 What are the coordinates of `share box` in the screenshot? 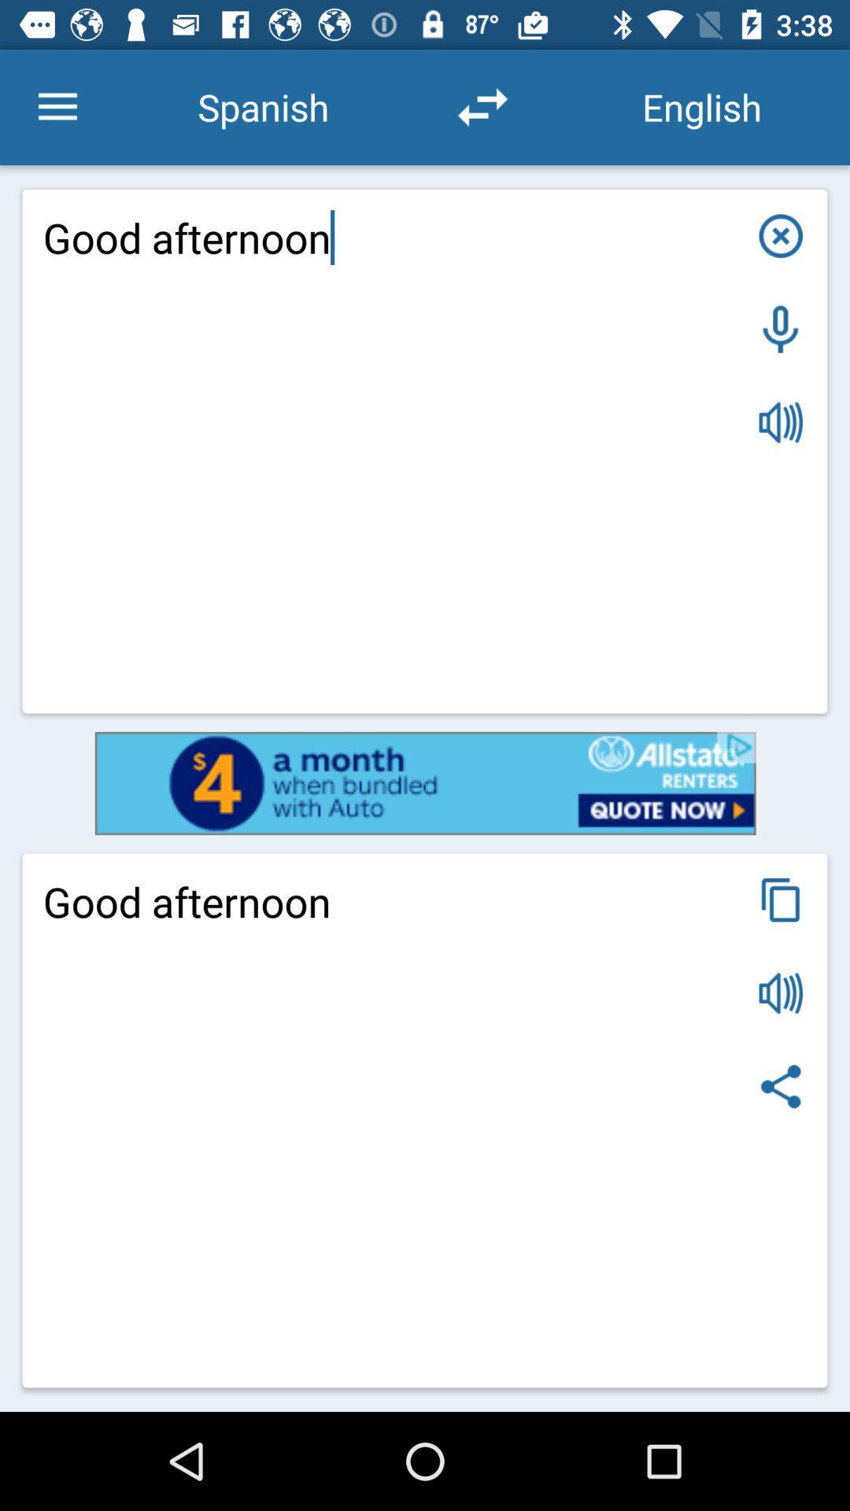 It's located at (781, 1085).